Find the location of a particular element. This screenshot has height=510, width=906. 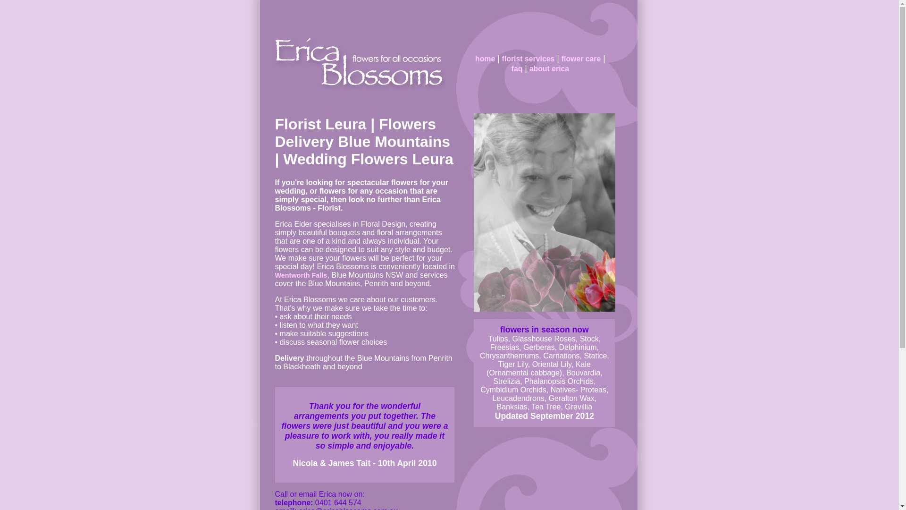

'Wentworth Falls' is located at coordinates (300, 275).